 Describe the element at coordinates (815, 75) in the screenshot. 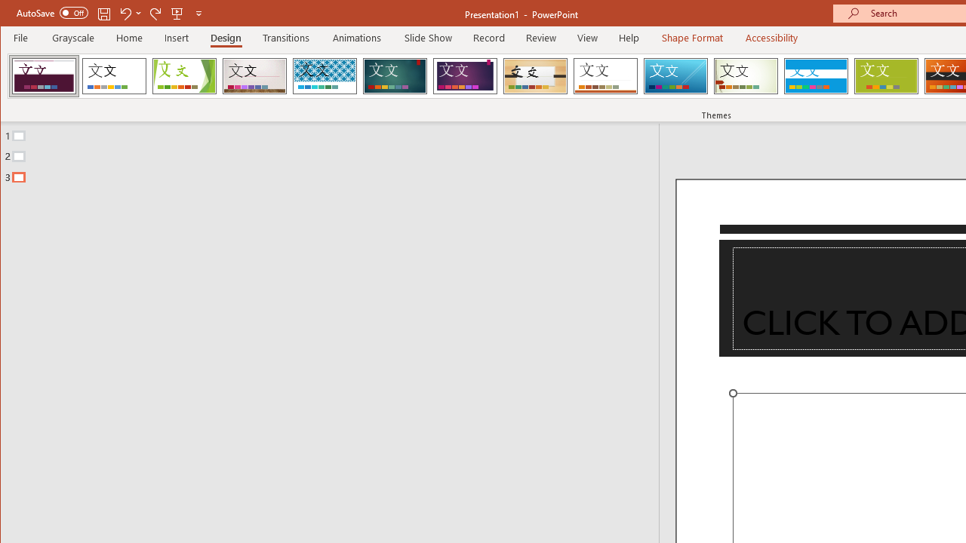

I see `'Banded'` at that location.